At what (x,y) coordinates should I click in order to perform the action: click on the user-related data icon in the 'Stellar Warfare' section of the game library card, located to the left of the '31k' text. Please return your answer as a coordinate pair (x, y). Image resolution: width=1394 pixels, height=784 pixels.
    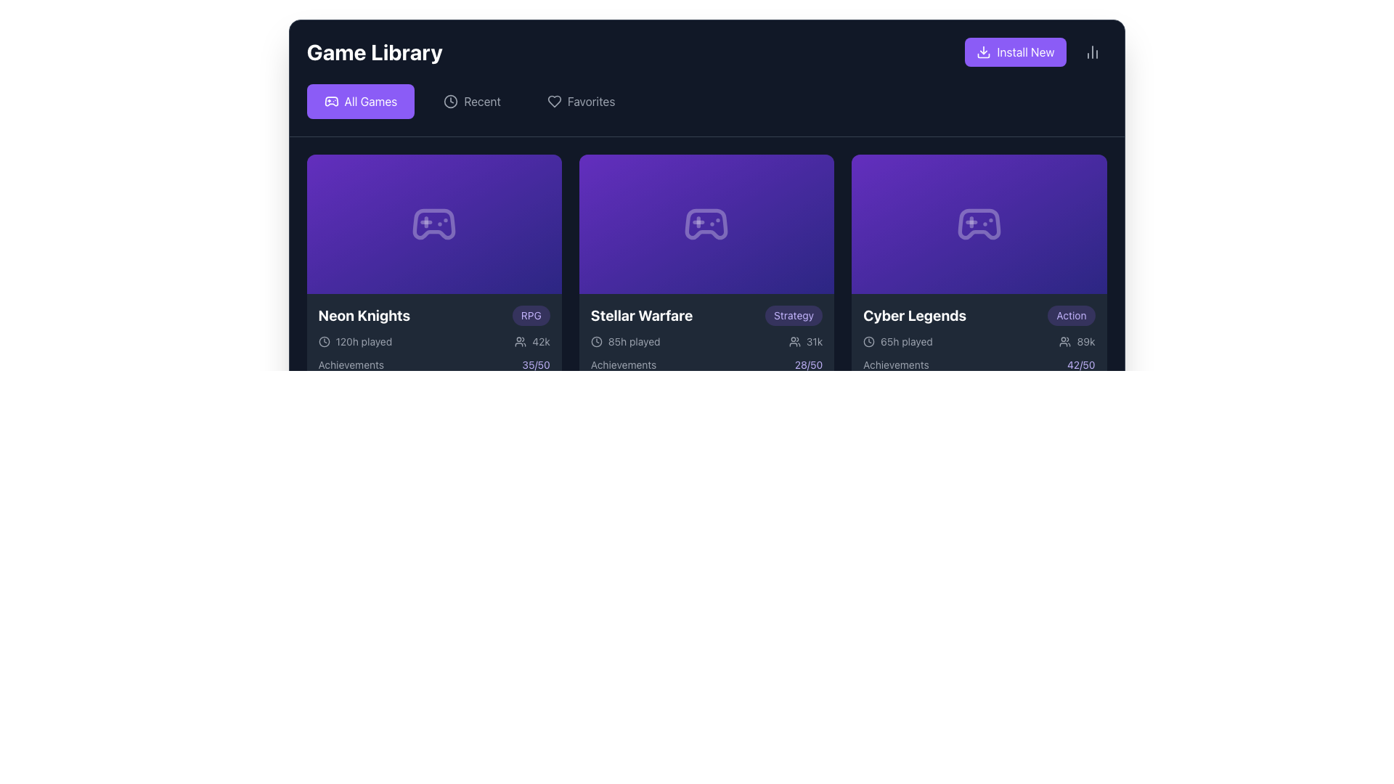
    Looking at the image, I should click on (794, 341).